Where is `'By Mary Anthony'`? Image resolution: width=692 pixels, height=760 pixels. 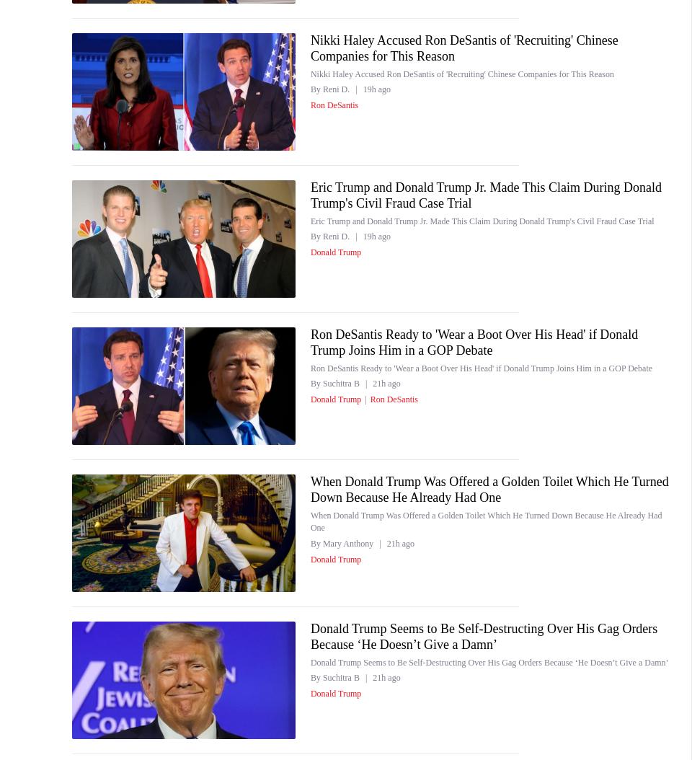
'By Mary Anthony' is located at coordinates (342, 542).